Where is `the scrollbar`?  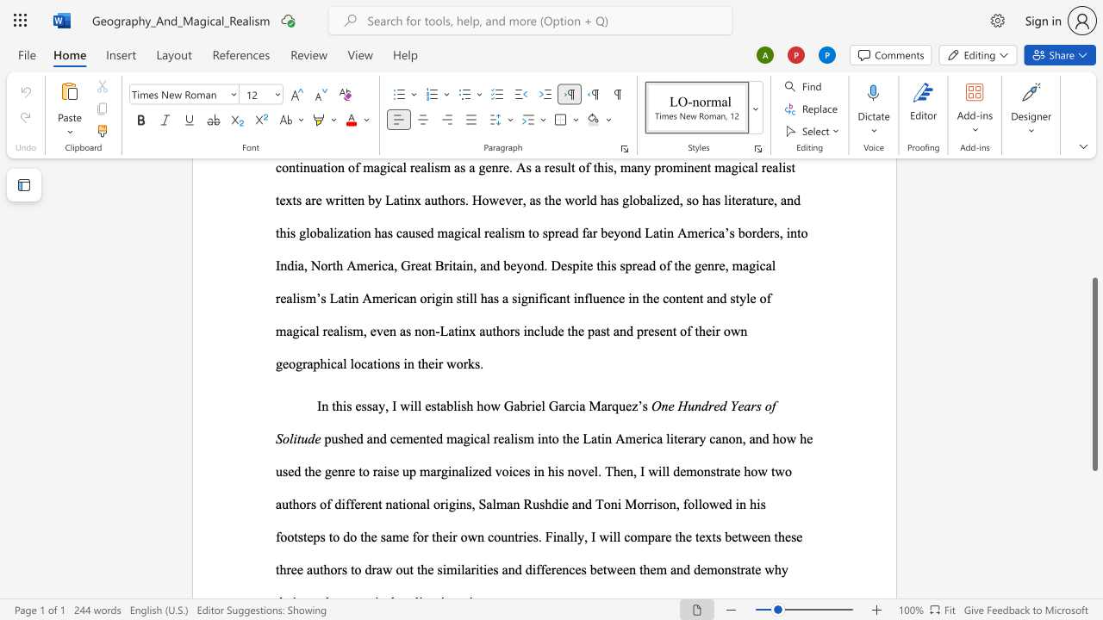
the scrollbar is located at coordinates (1094, 189).